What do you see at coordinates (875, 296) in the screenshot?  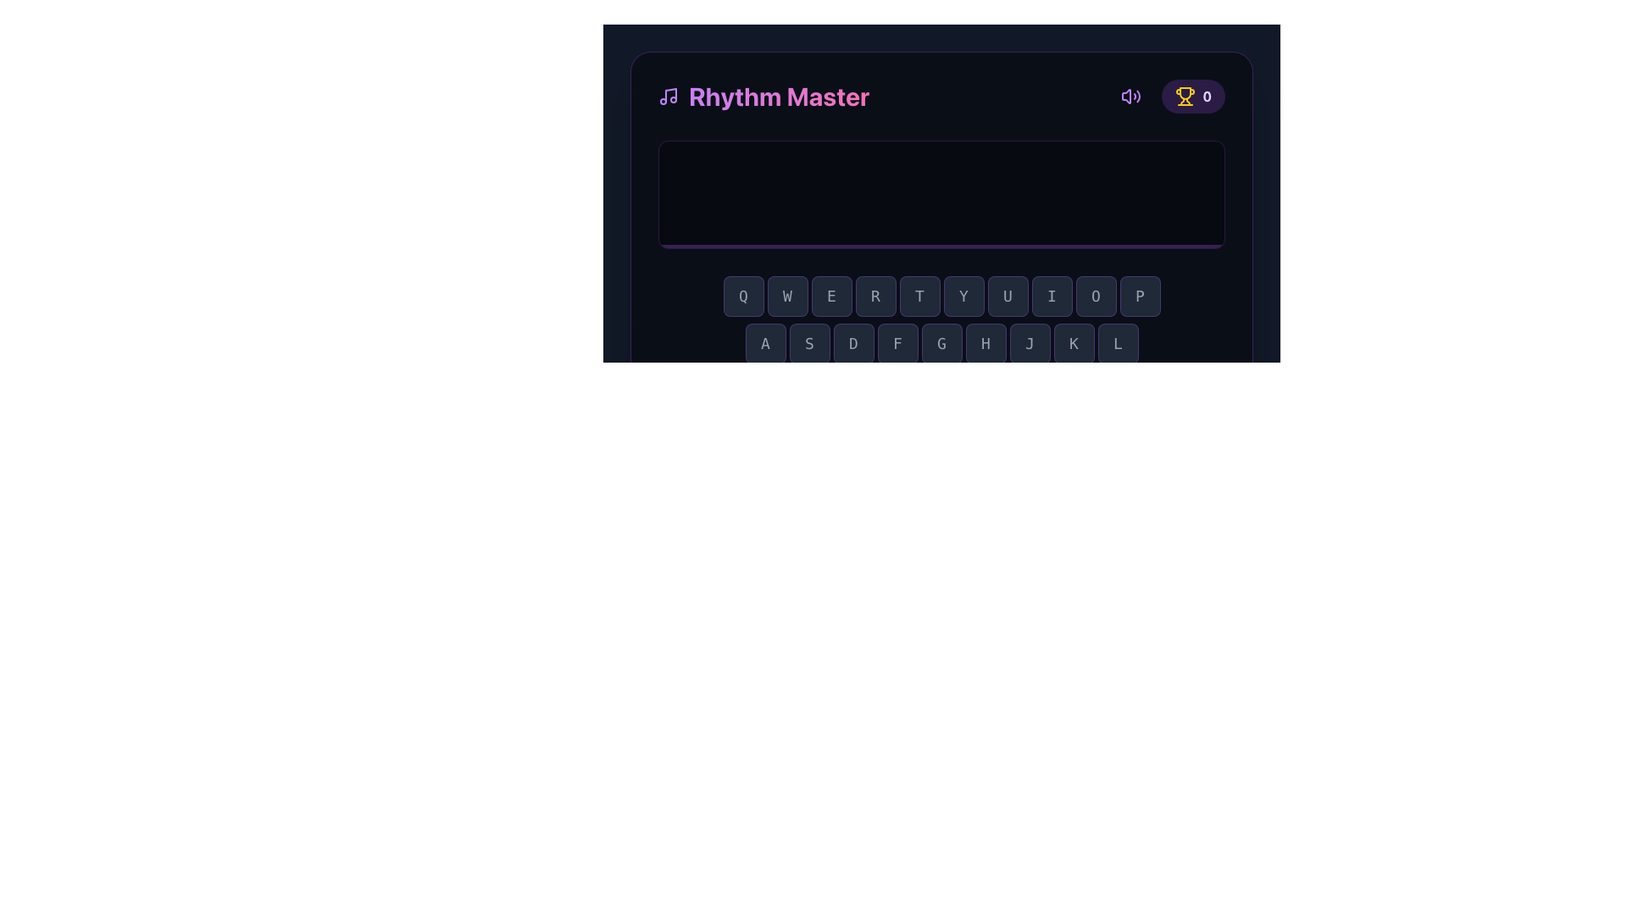 I see `the keyboard button representing the letter 'R', which is the fourth button in the row of 'QWERTYUIOP'` at bounding box center [875, 296].